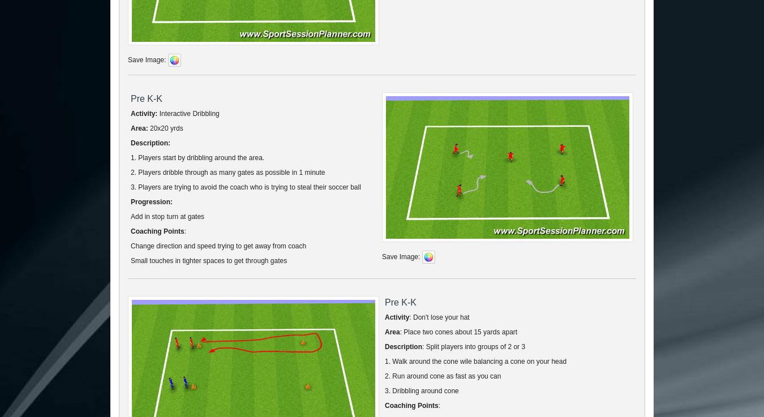 The width and height of the screenshot is (764, 417). Describe the element at coordinates (391, 332) in the screenshot. I see `'Area'` at that location.